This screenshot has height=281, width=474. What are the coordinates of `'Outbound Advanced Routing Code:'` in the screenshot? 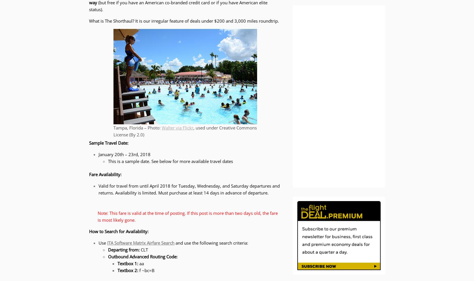 It's located at (108, 256).